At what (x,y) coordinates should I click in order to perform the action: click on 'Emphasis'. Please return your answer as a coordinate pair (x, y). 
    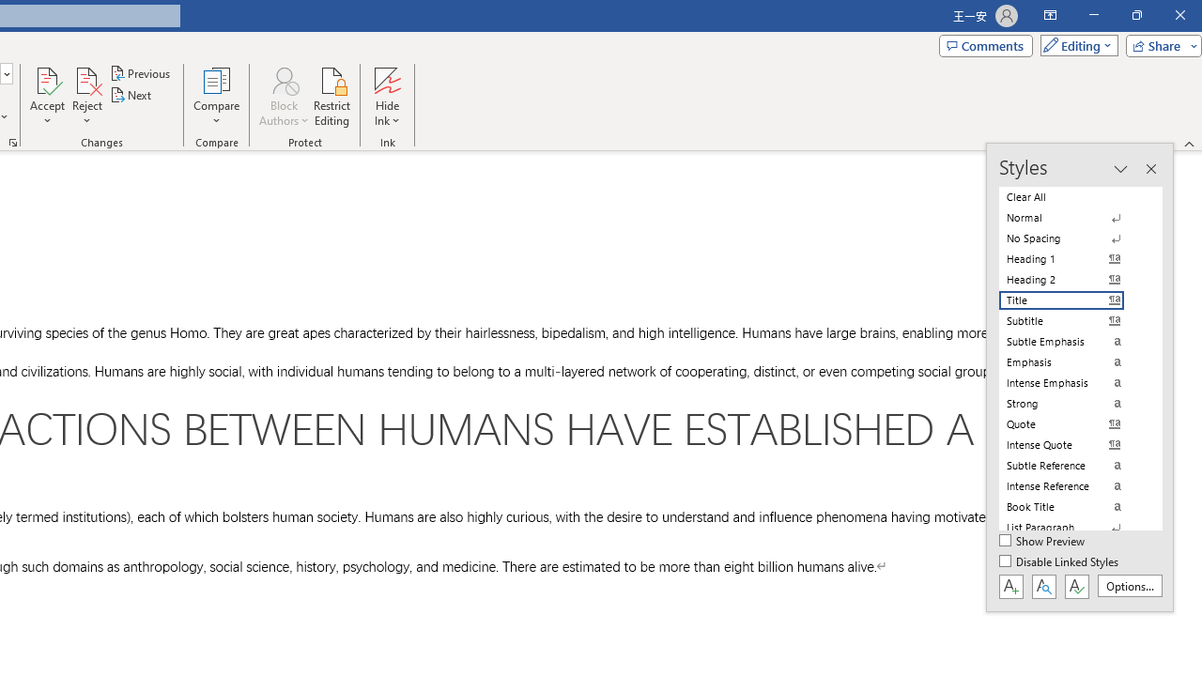
    Looking at the image, I should click on (1072, 361).